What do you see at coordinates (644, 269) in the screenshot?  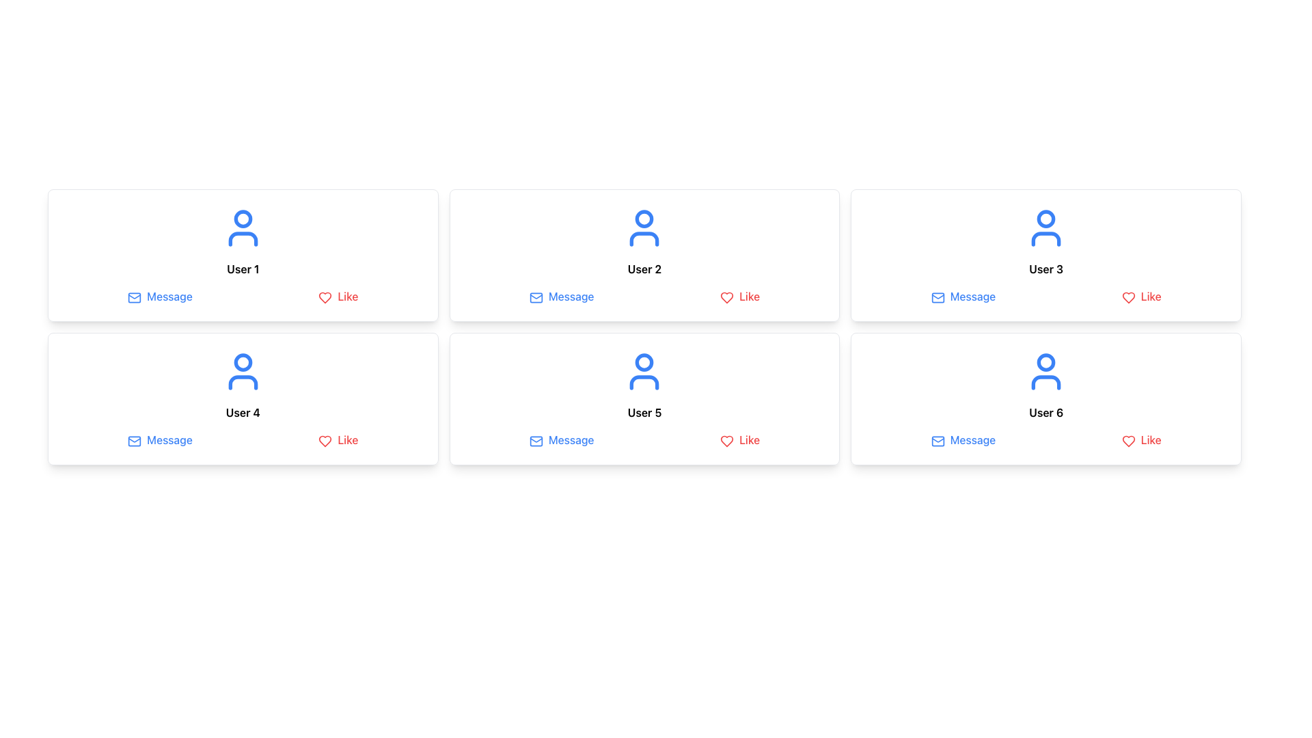 I see `text label displaying the username or identifier of the associated user, located in the second card of the grid layout beneath the person icon` at bounding box center [644, 269].